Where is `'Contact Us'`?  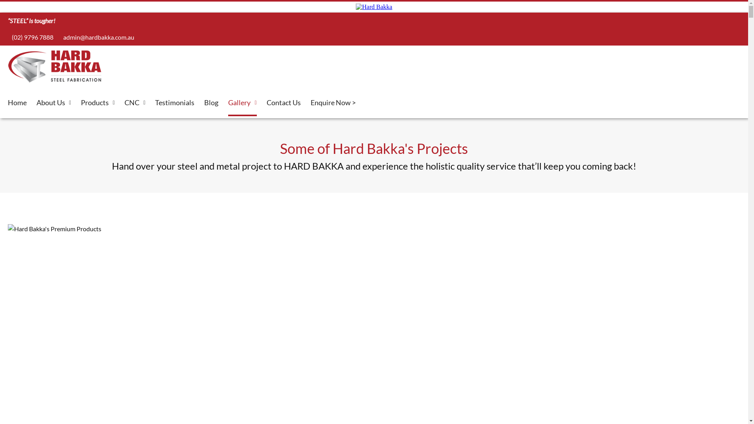
'Contact Us' is located at coordinates (283, 102).